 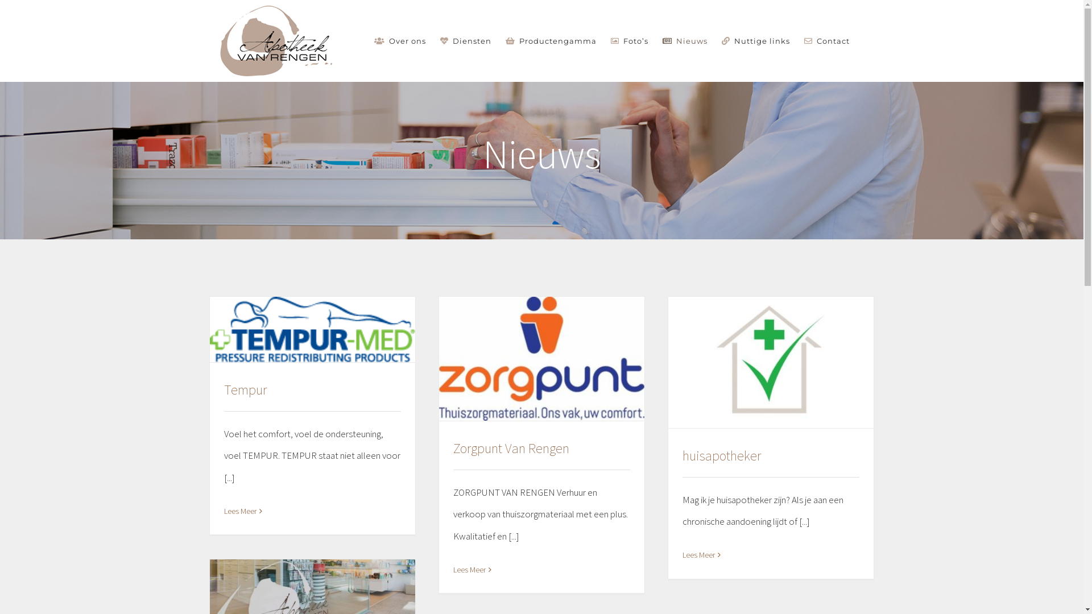 What do you see at coordinates (466, 40) in the screenshot?
I see `'Diensten'` at bounding box center [466, 40].